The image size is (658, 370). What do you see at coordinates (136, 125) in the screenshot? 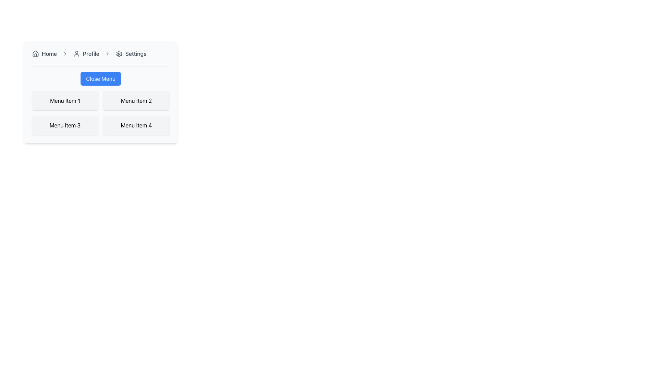
I see `the fourth static display card in the navigation menu, located in the bottom-right quadrant of the grid` at bounding box center [136, 125].